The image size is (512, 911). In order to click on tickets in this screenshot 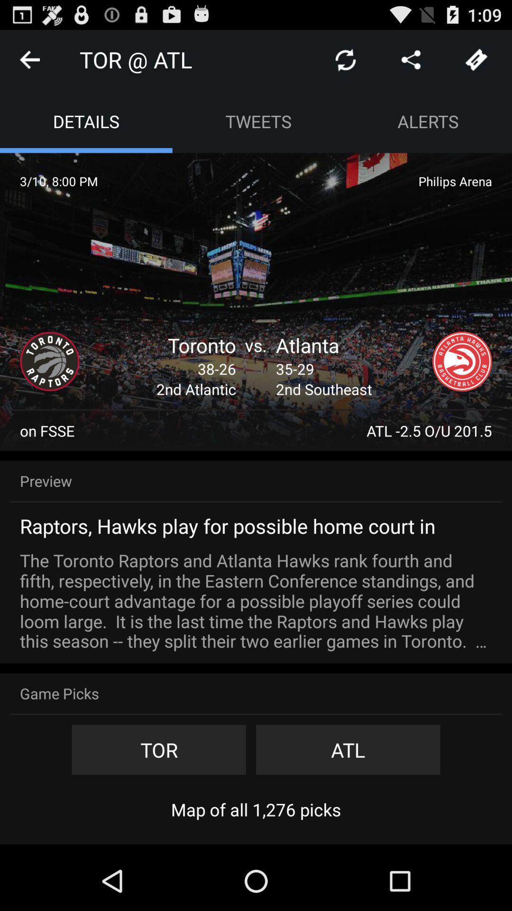, I will do `click(476, 59)`.